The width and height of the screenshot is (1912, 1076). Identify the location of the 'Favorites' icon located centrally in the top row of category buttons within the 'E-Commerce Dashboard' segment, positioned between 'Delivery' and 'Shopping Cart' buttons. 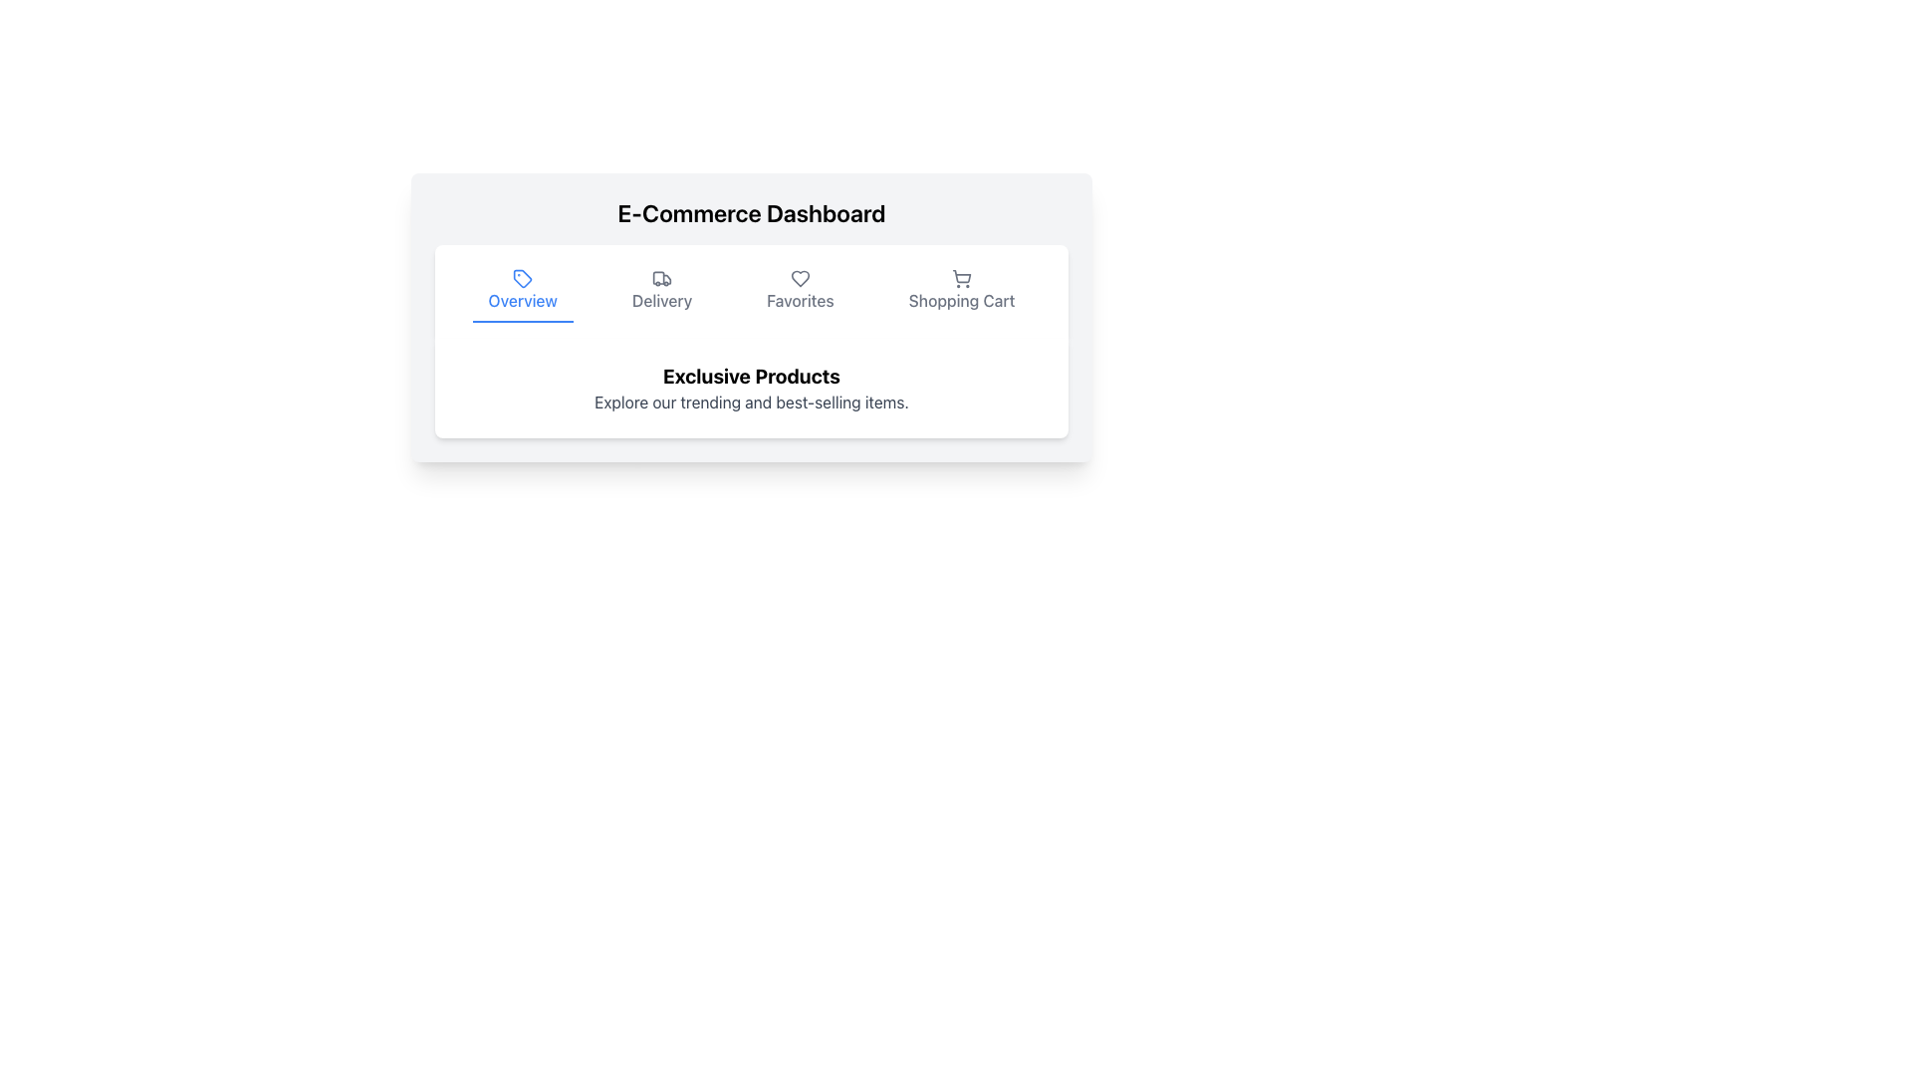
(800, 279).